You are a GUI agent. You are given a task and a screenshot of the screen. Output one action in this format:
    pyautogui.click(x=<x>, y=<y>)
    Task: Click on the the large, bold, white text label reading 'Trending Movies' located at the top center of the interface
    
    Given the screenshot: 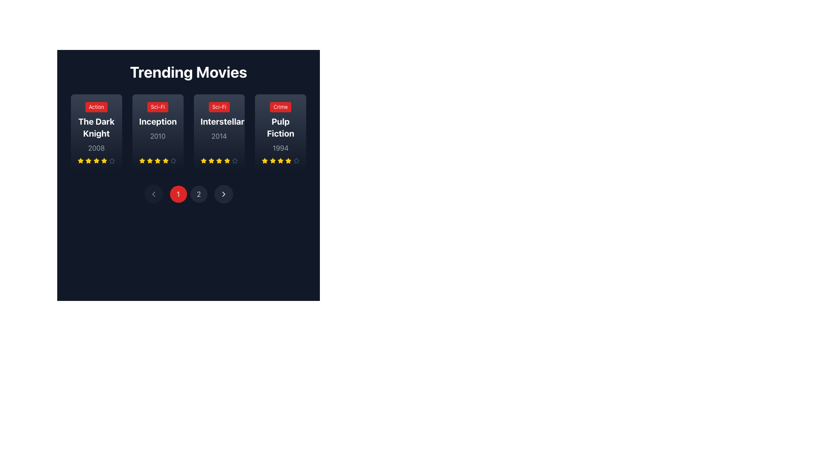 What is the action you would take?
    pyautogui.click(x=188, y=72)
    